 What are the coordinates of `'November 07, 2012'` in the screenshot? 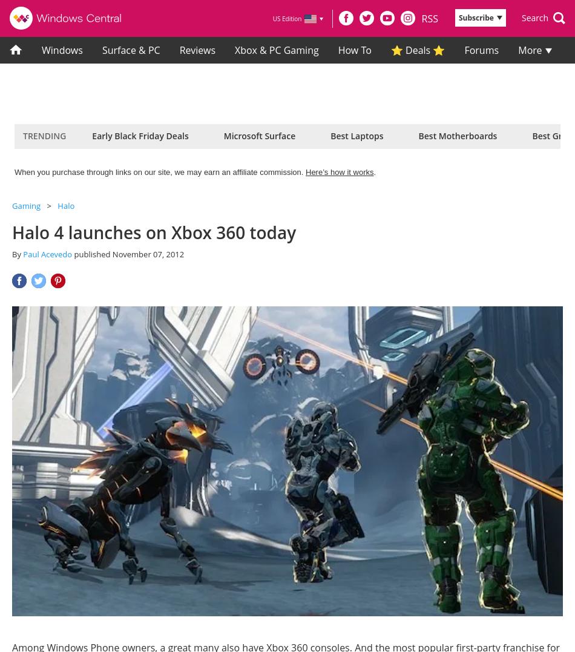 It's located at (147, 254).